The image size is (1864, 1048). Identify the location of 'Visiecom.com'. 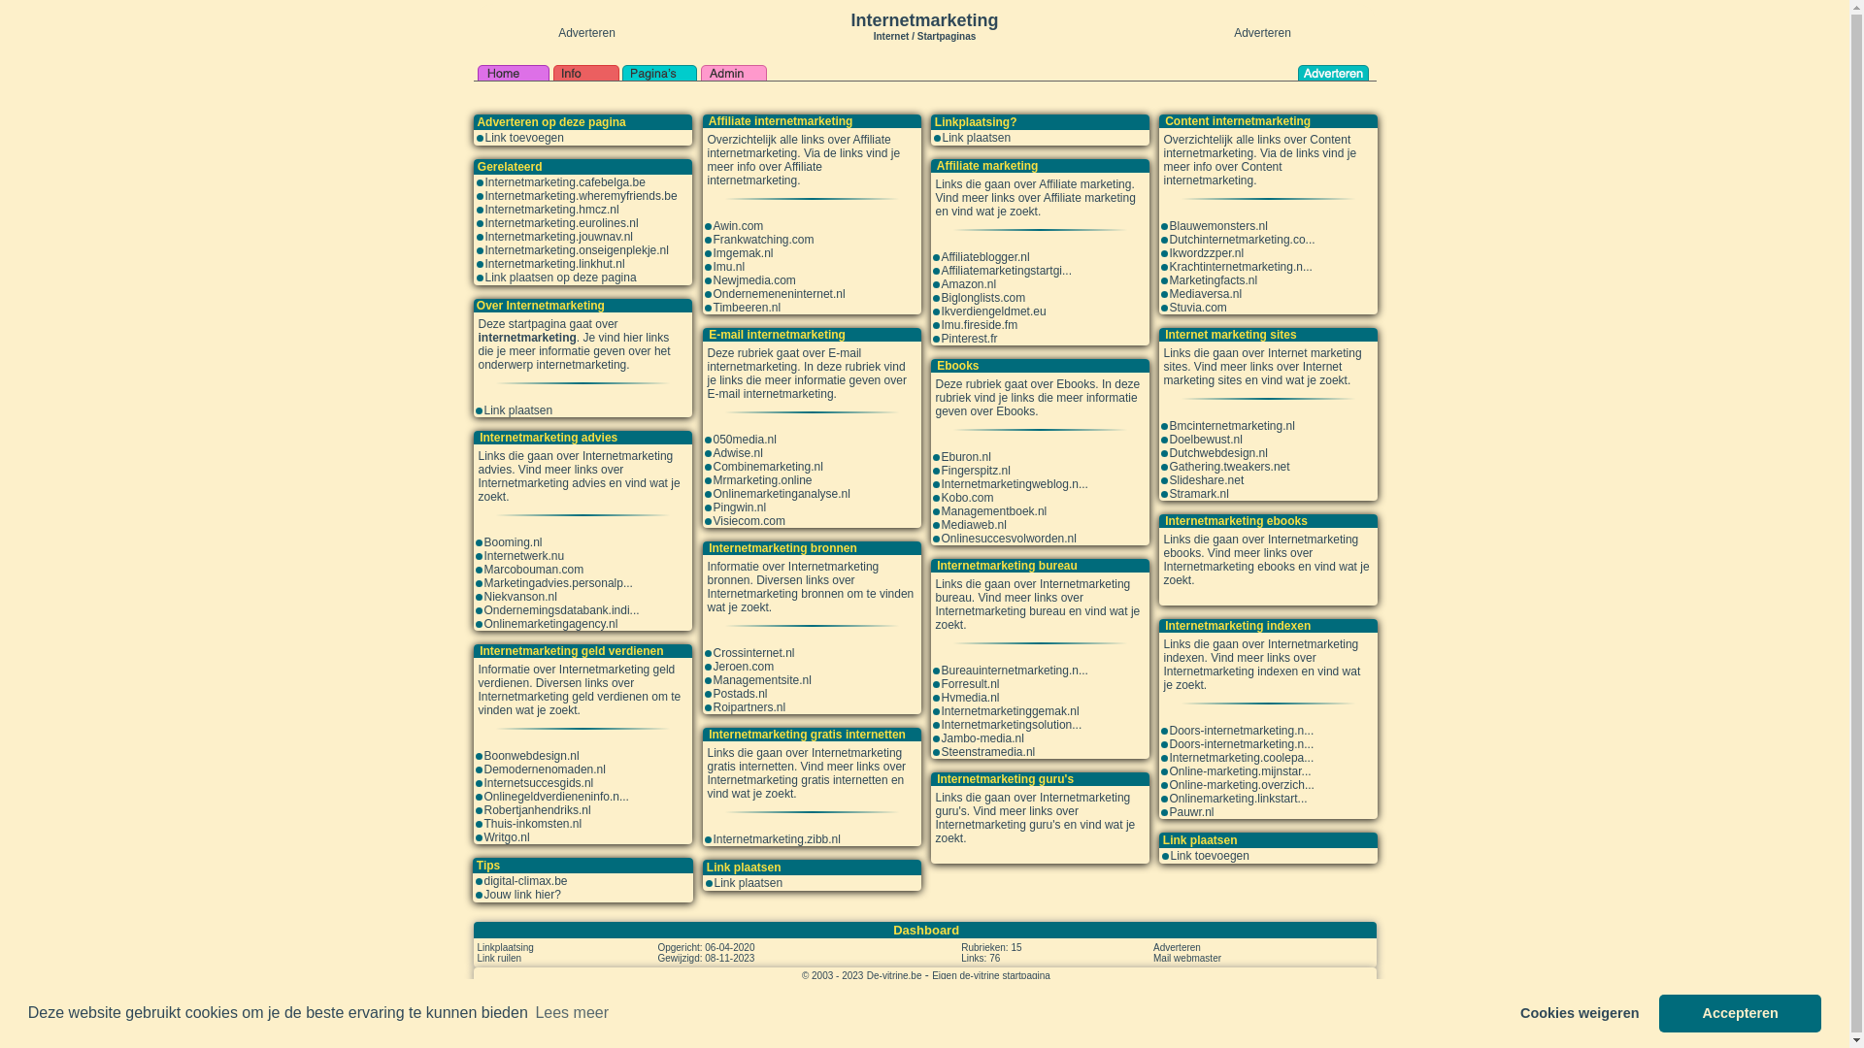
(748, 519).